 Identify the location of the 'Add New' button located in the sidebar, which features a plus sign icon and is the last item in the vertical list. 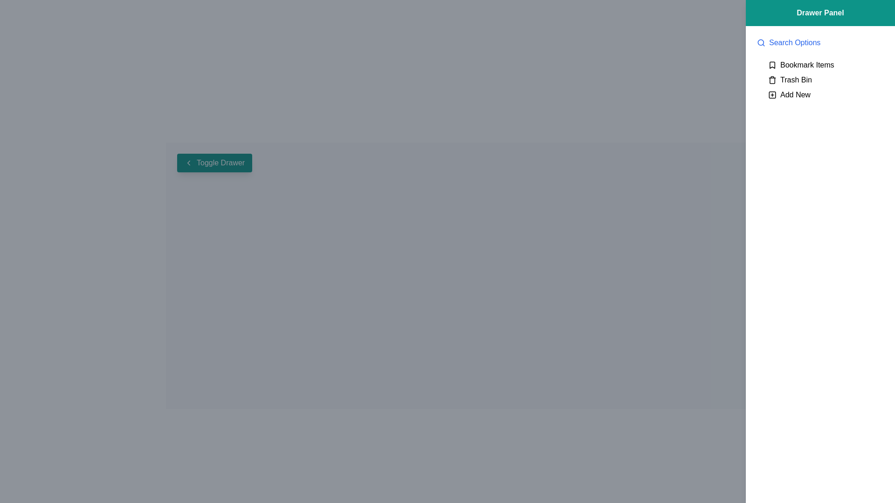
(789, 95).